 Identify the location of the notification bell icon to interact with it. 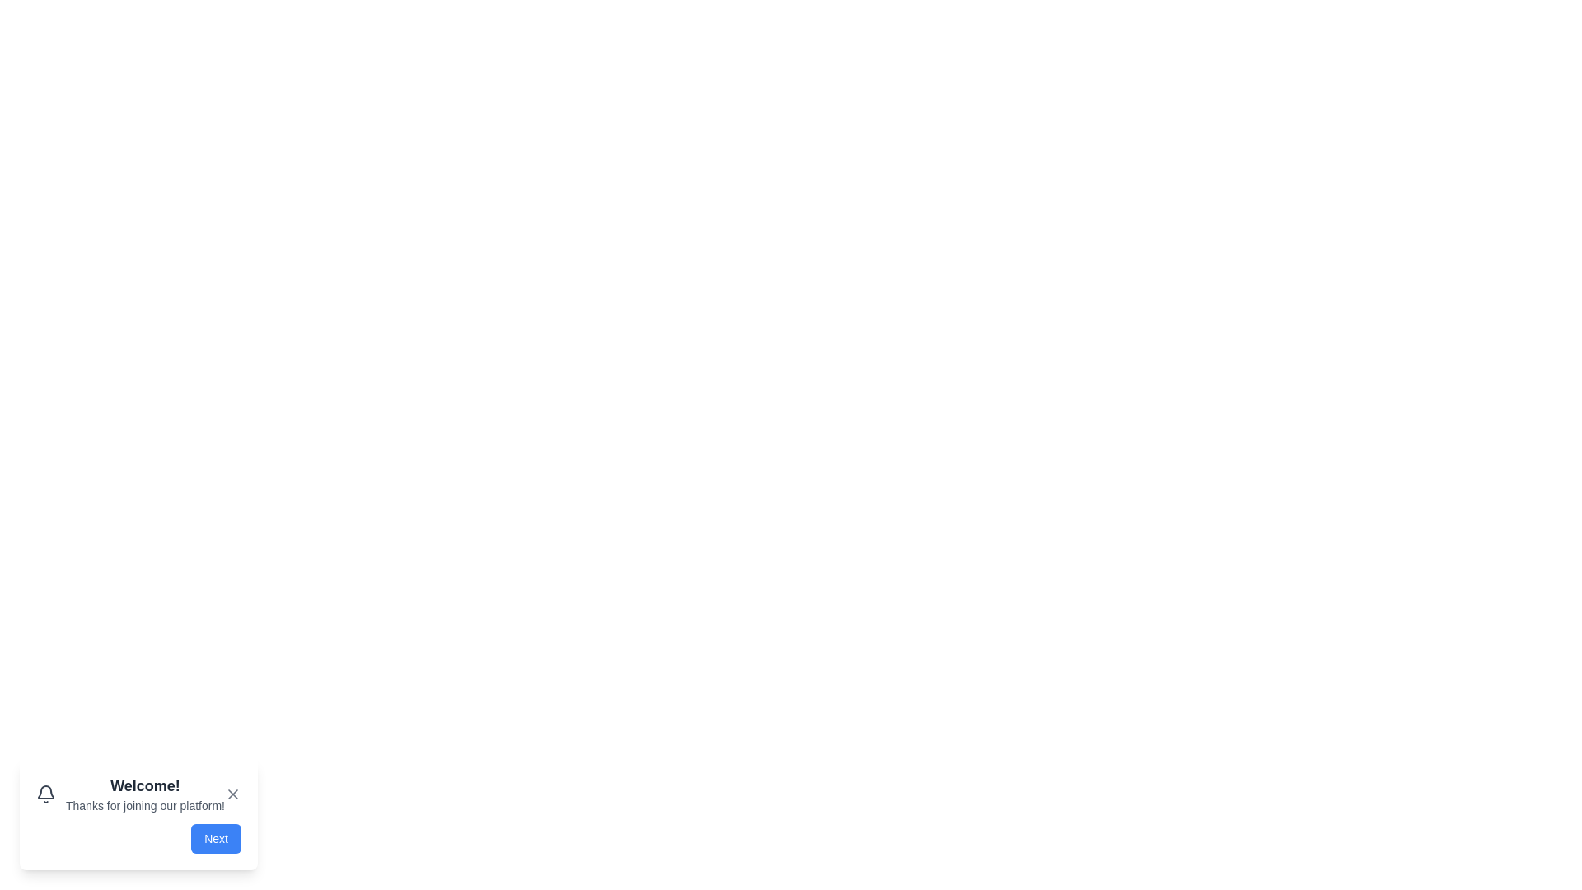
(46, 794).